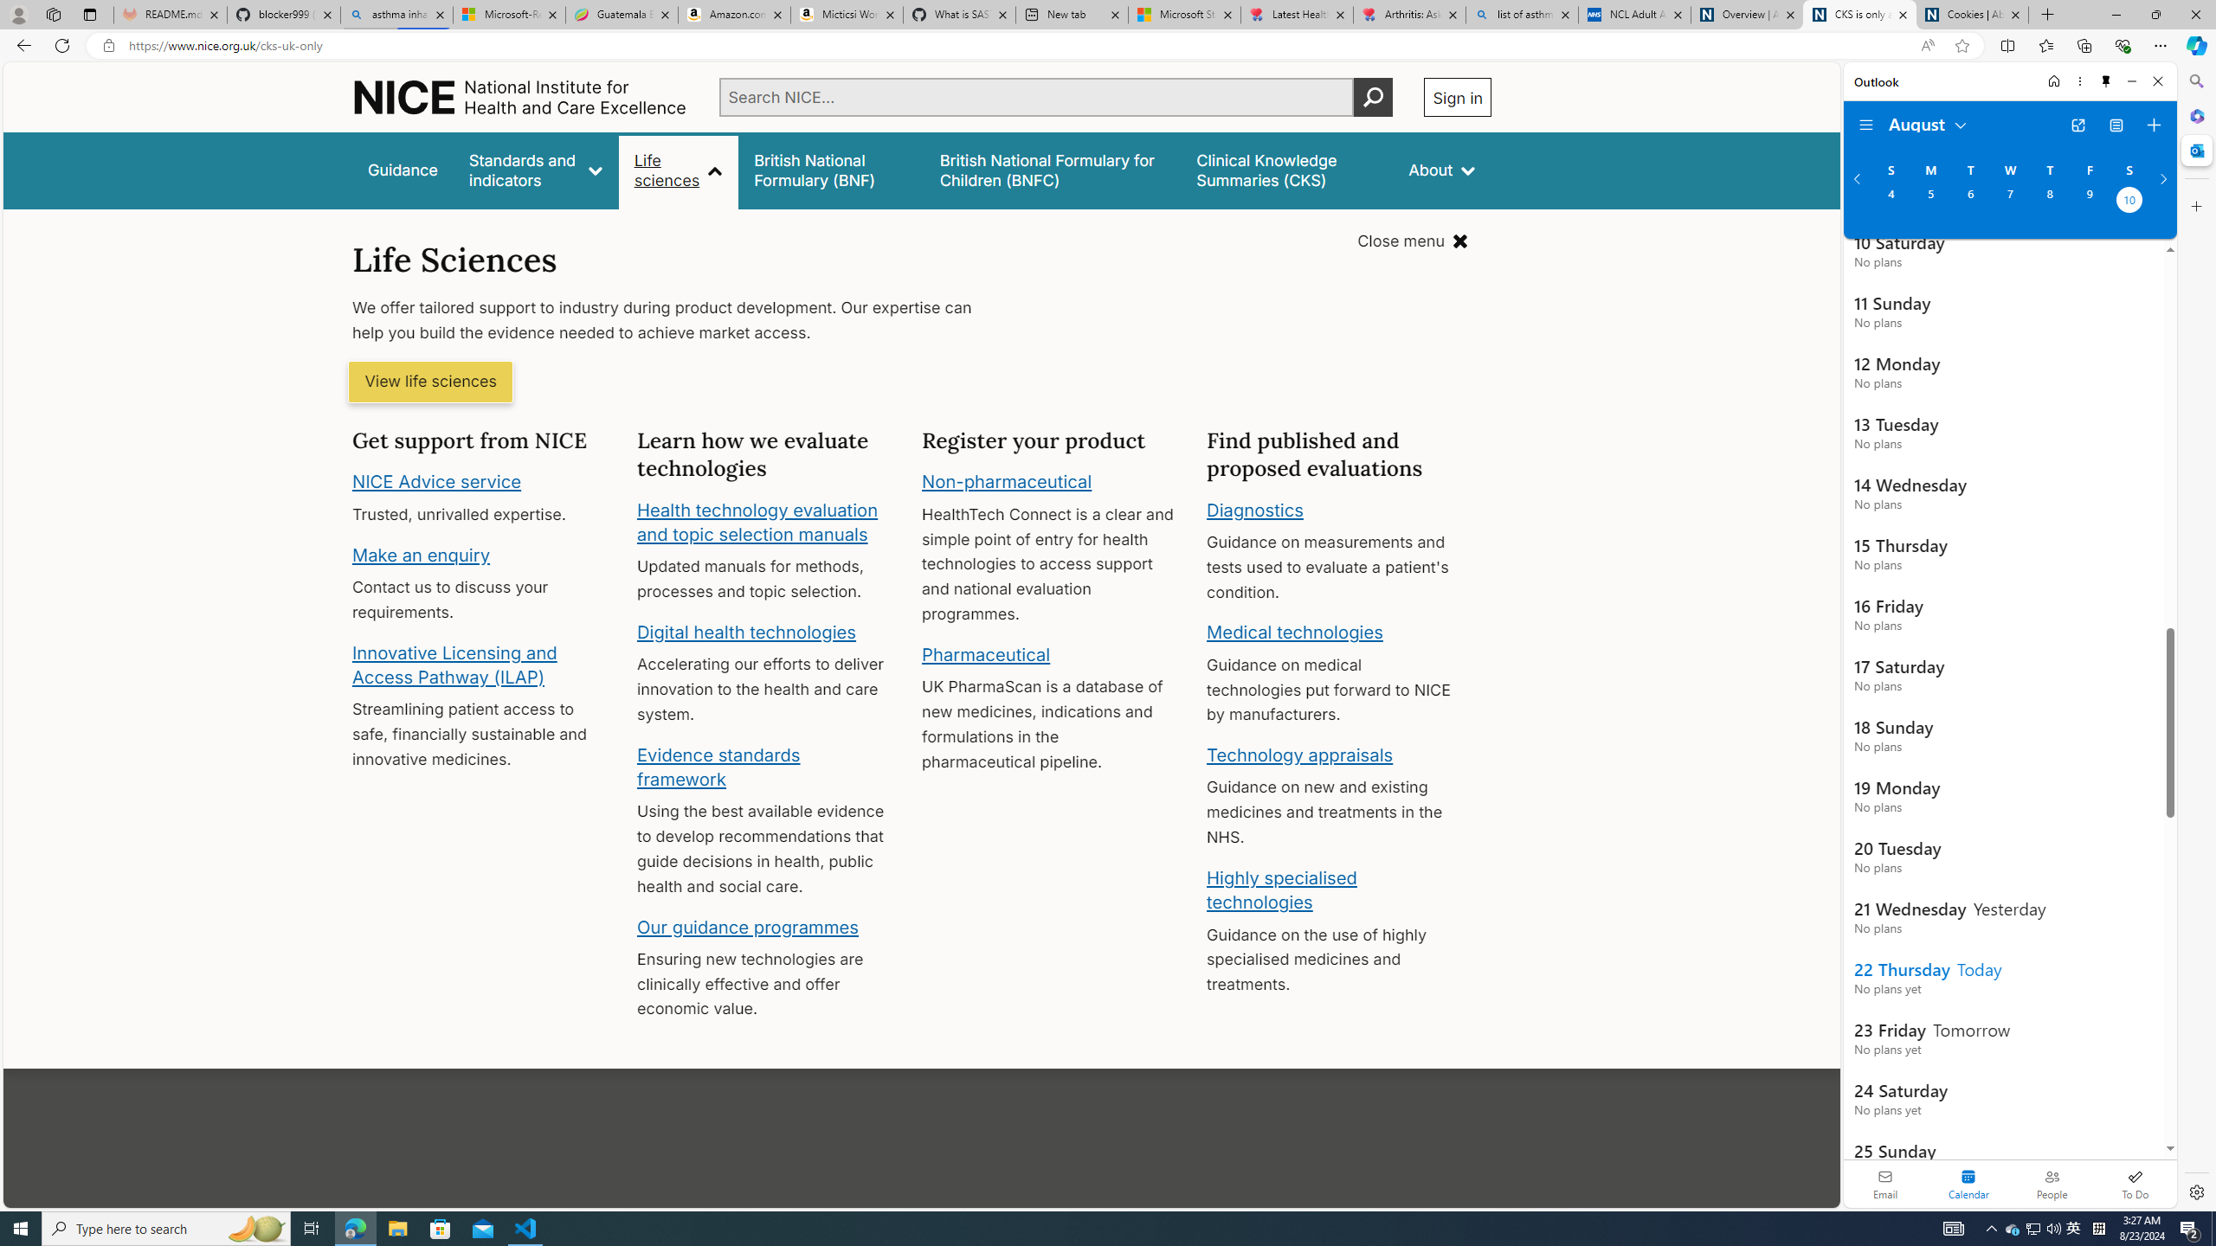 This screenshot has height=1246, width=2216. I want to click on 'People', so click(2051, 1183).